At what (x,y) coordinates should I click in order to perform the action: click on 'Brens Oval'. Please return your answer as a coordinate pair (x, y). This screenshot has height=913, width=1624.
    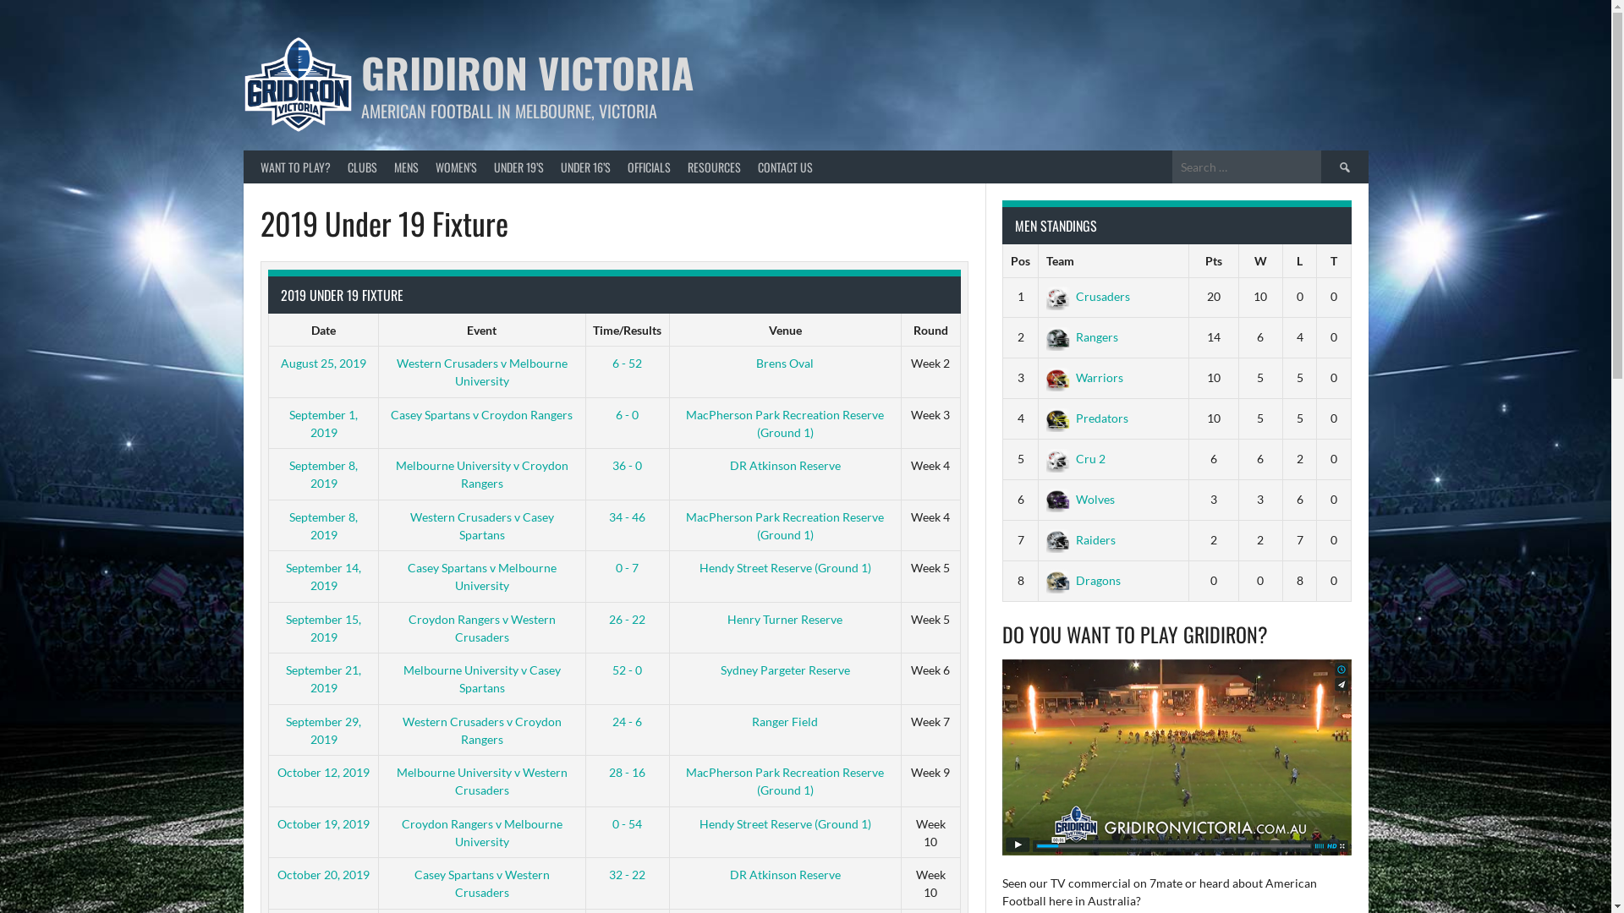
    Looking at the image, I should click on (783, 362).